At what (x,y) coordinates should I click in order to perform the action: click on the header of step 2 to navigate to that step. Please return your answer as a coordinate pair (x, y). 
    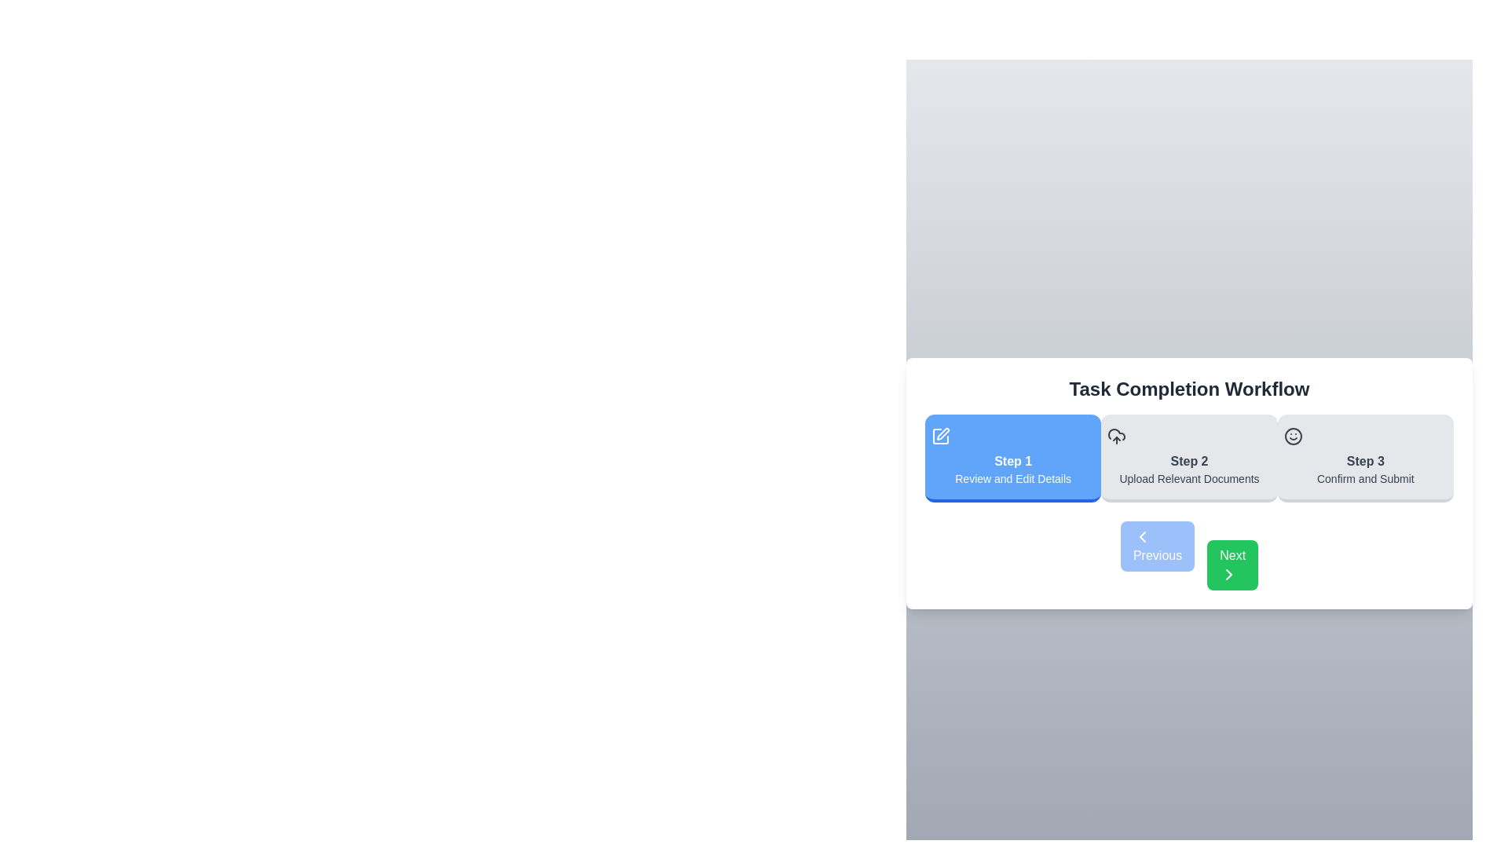
    Looking at the image, I should click on (1189, 458).